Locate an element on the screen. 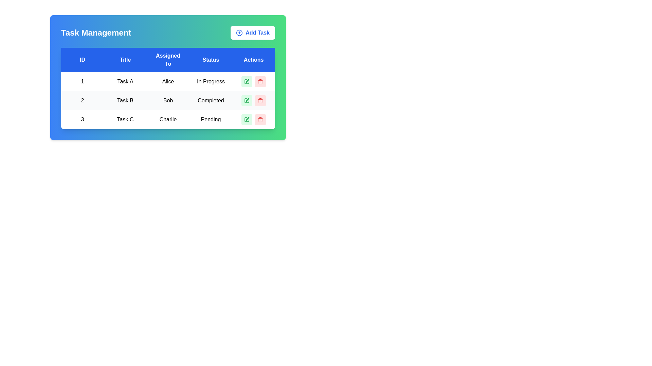  the green square button with rounded corners and a pen icon located in the second row of the 'Actions' column is located at coordinates (246, 101).